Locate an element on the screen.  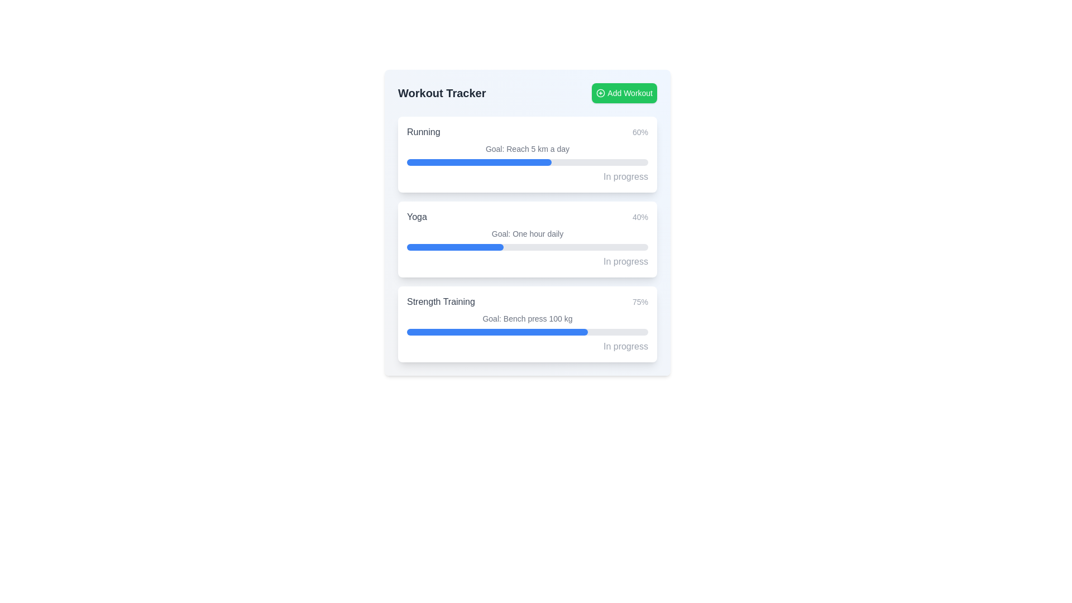
the Static Text indicating the current status of the associated goal in the 'Strength Training' section, located beneath the progress bar and percentage indicator is located at coordinates (625, 346).